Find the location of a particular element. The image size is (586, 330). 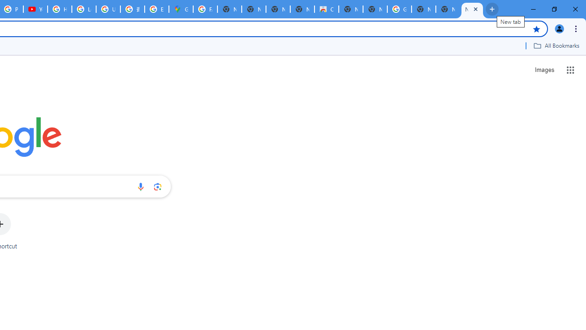

'All Bookmarks' is located at coordinates (556, 45).